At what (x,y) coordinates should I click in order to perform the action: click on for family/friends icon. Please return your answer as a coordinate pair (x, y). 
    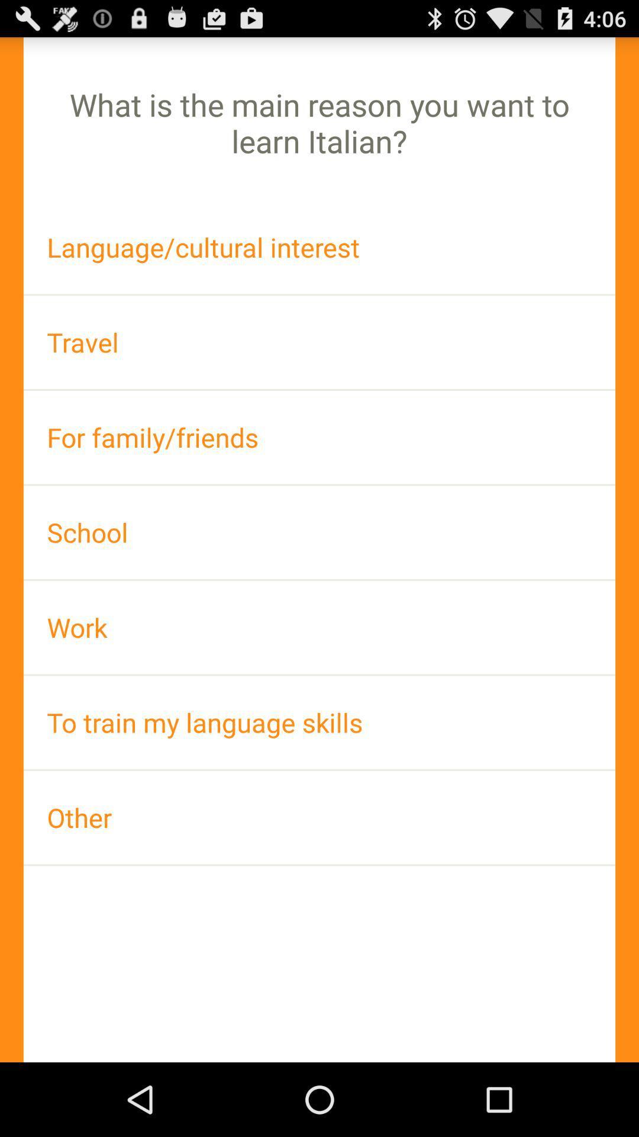
    Looking at the image, I should click on (319, 436).